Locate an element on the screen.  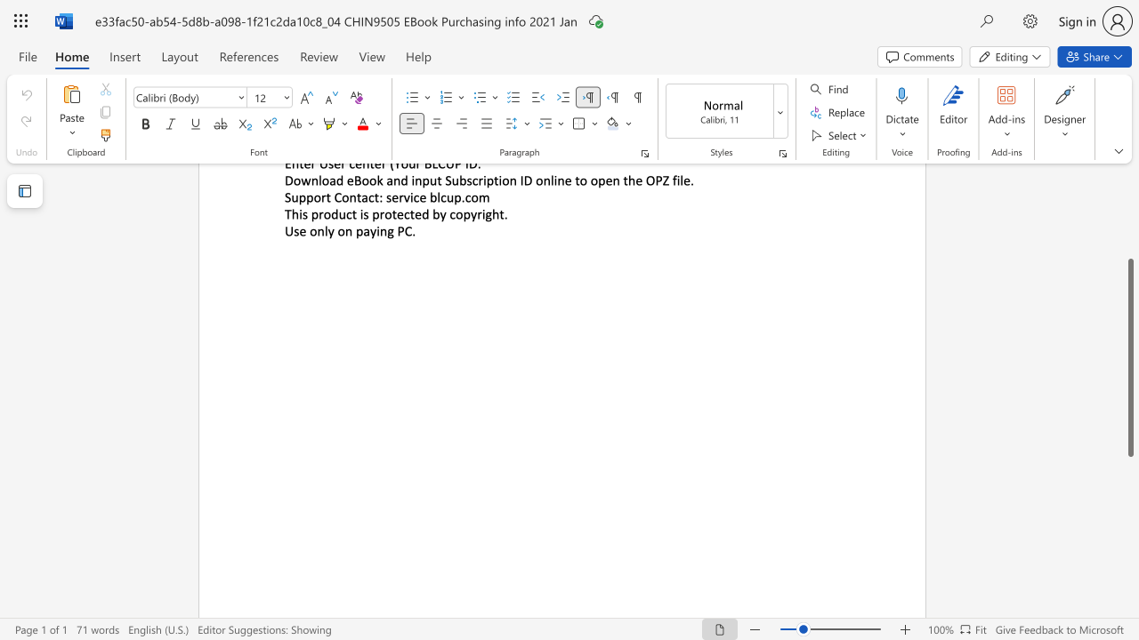
the scrollbar and move down 360 pixels is located at coordinates (1129, 357).